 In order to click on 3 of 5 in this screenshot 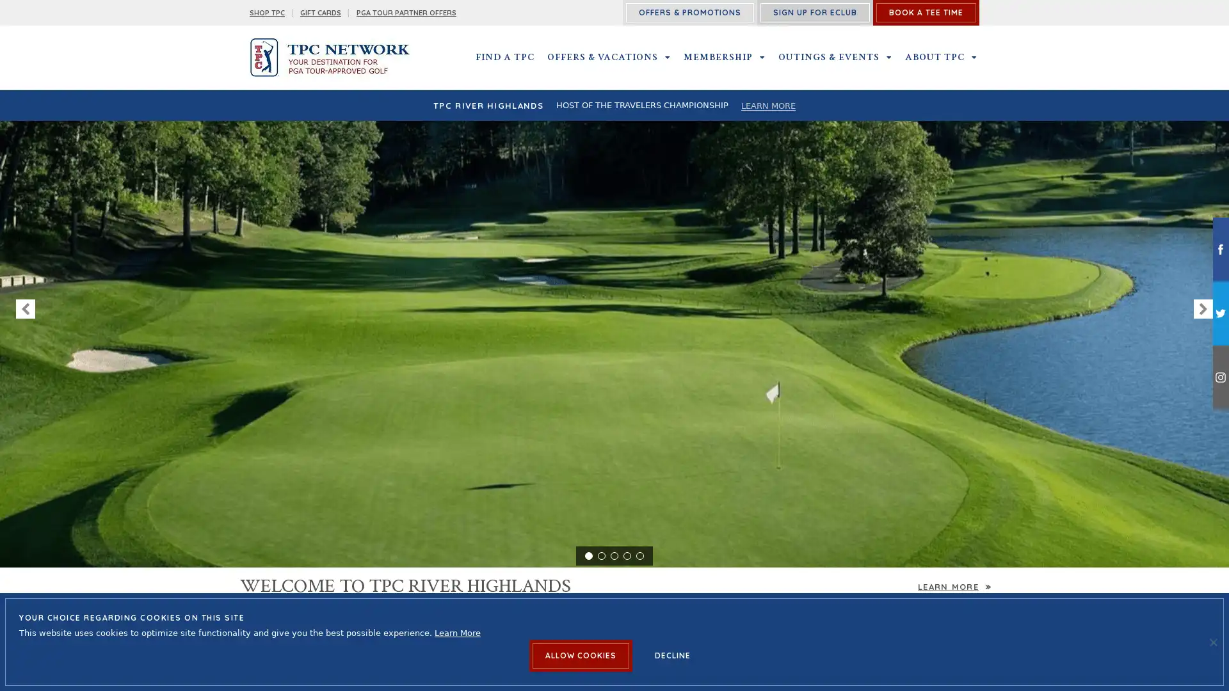, I will do `click(614, 555)`.